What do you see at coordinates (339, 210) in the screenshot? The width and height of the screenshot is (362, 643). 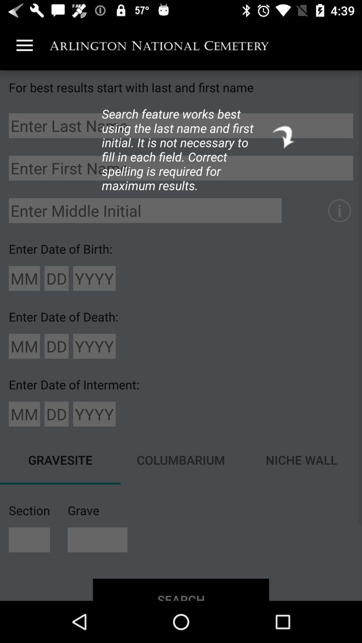 I see `the info icon` at bounding box center [339, 210].